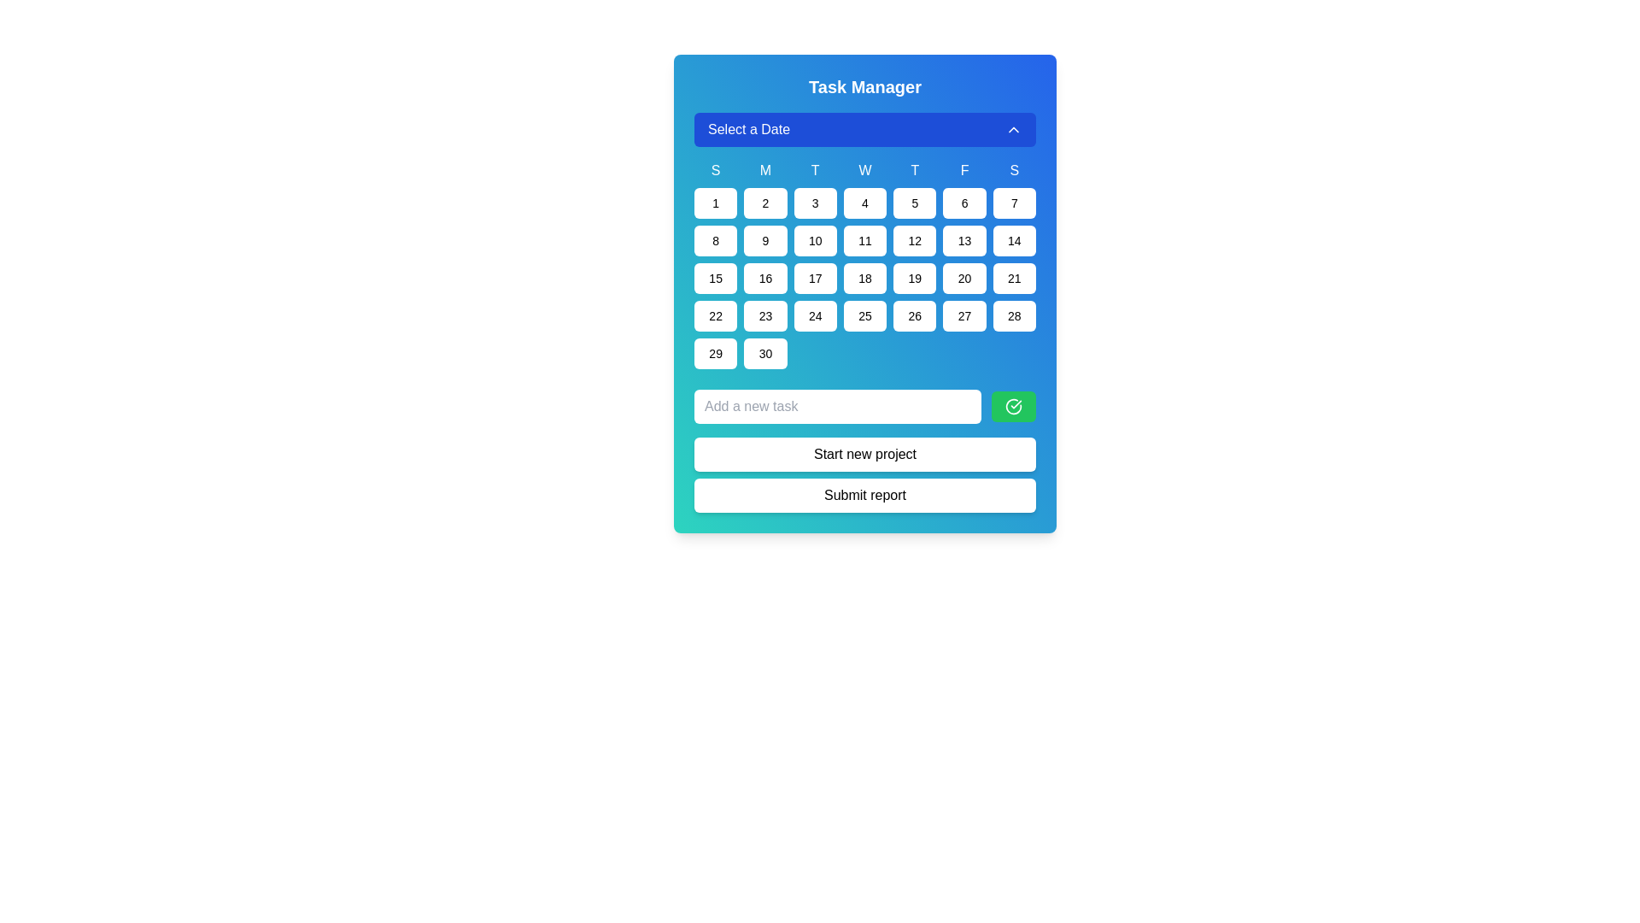 The image size is (1640, 923). I want to click on the date selection button labeled '30' which is a rectangular button with a white background and rounded corners, located in the last column of the last row of the calendar grid, so click(764, 352).